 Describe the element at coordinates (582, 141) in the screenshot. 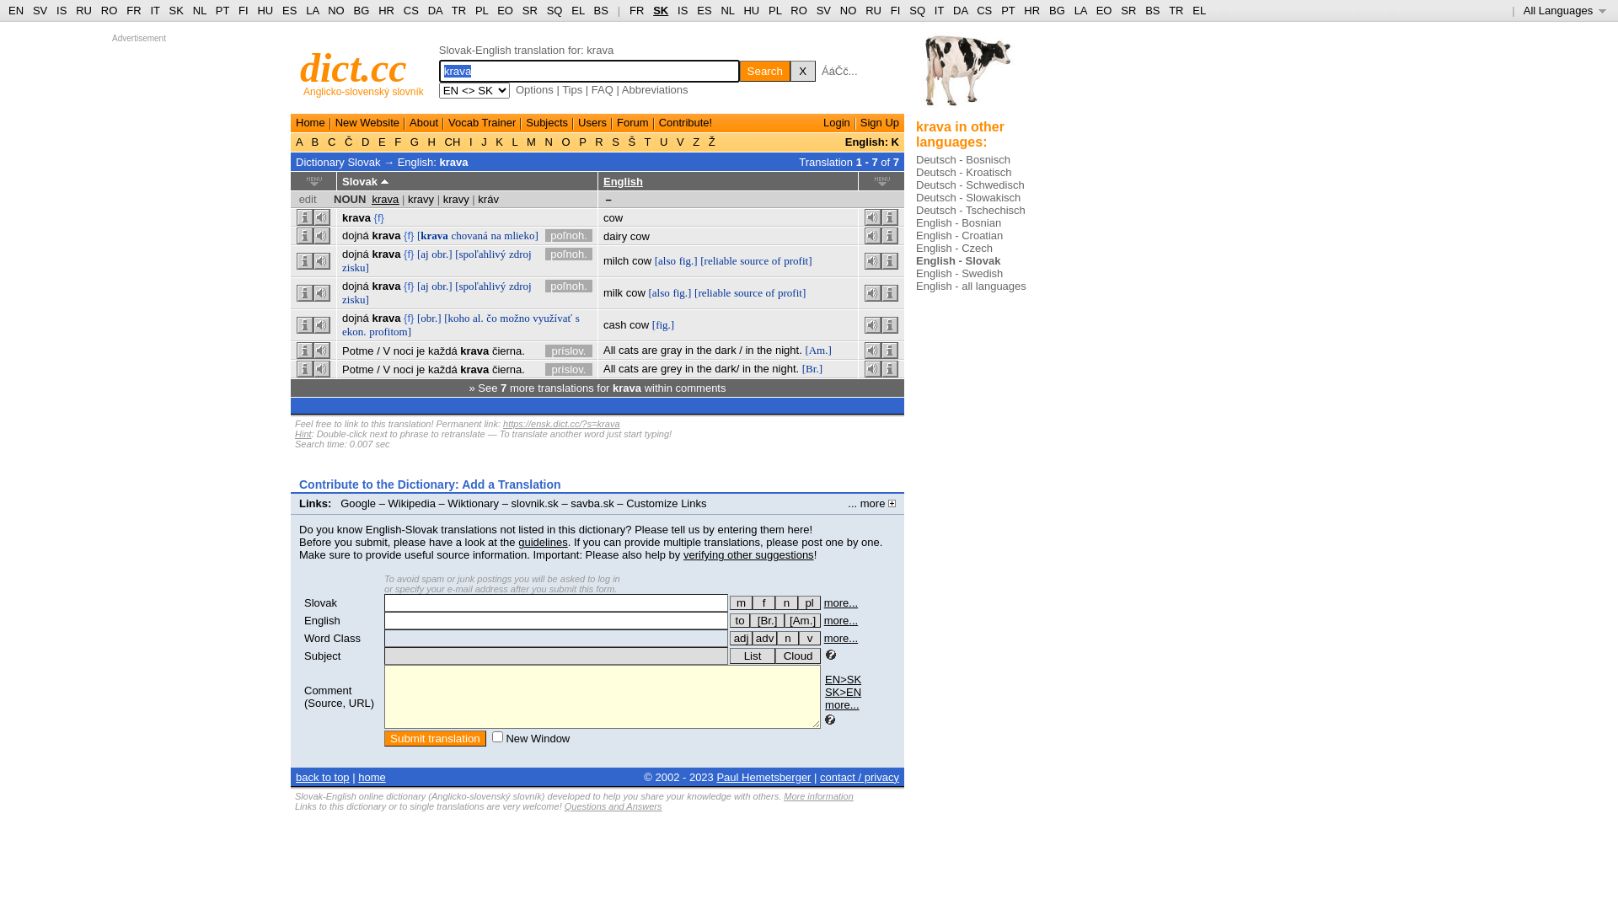

I see `'P'` at that location.